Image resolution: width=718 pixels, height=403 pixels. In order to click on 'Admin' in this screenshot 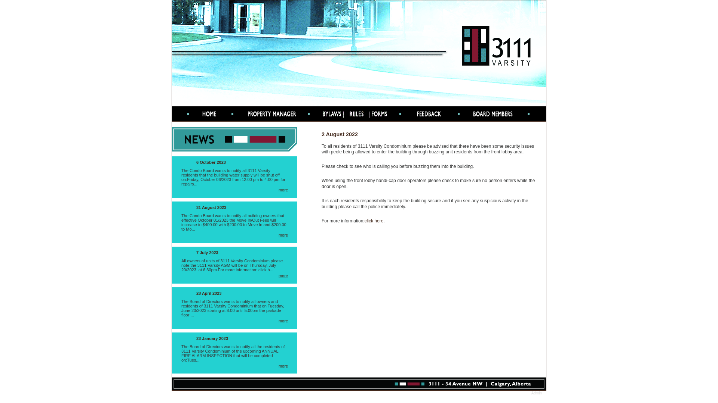, I will do `click(536, 393)`.